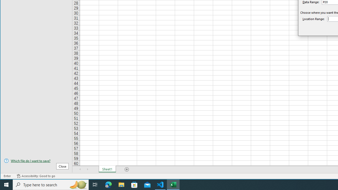 This screenshot has height=190, width=338. What do you see at coordinates (121, 184) in the screenshot?
I see `'File Explorer'` at bounding box center [121, 184].